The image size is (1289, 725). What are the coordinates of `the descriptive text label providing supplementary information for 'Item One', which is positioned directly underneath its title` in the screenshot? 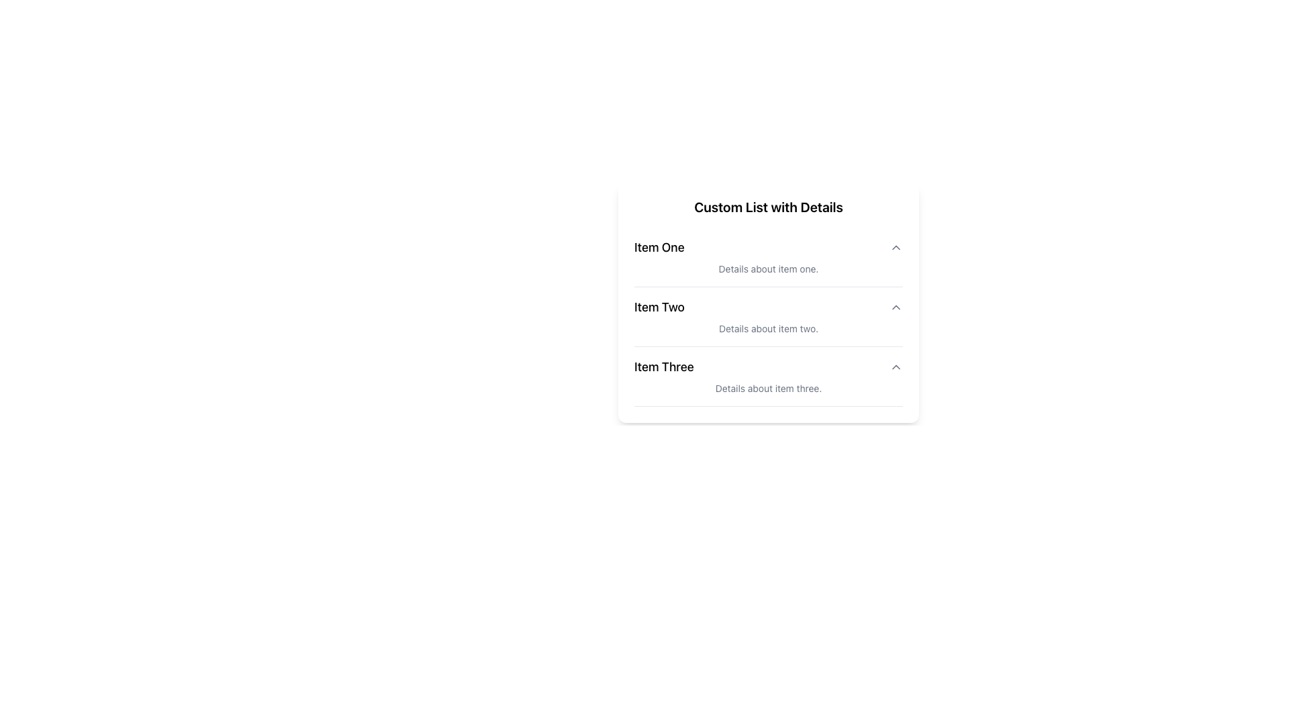 It's located at (769, 269).